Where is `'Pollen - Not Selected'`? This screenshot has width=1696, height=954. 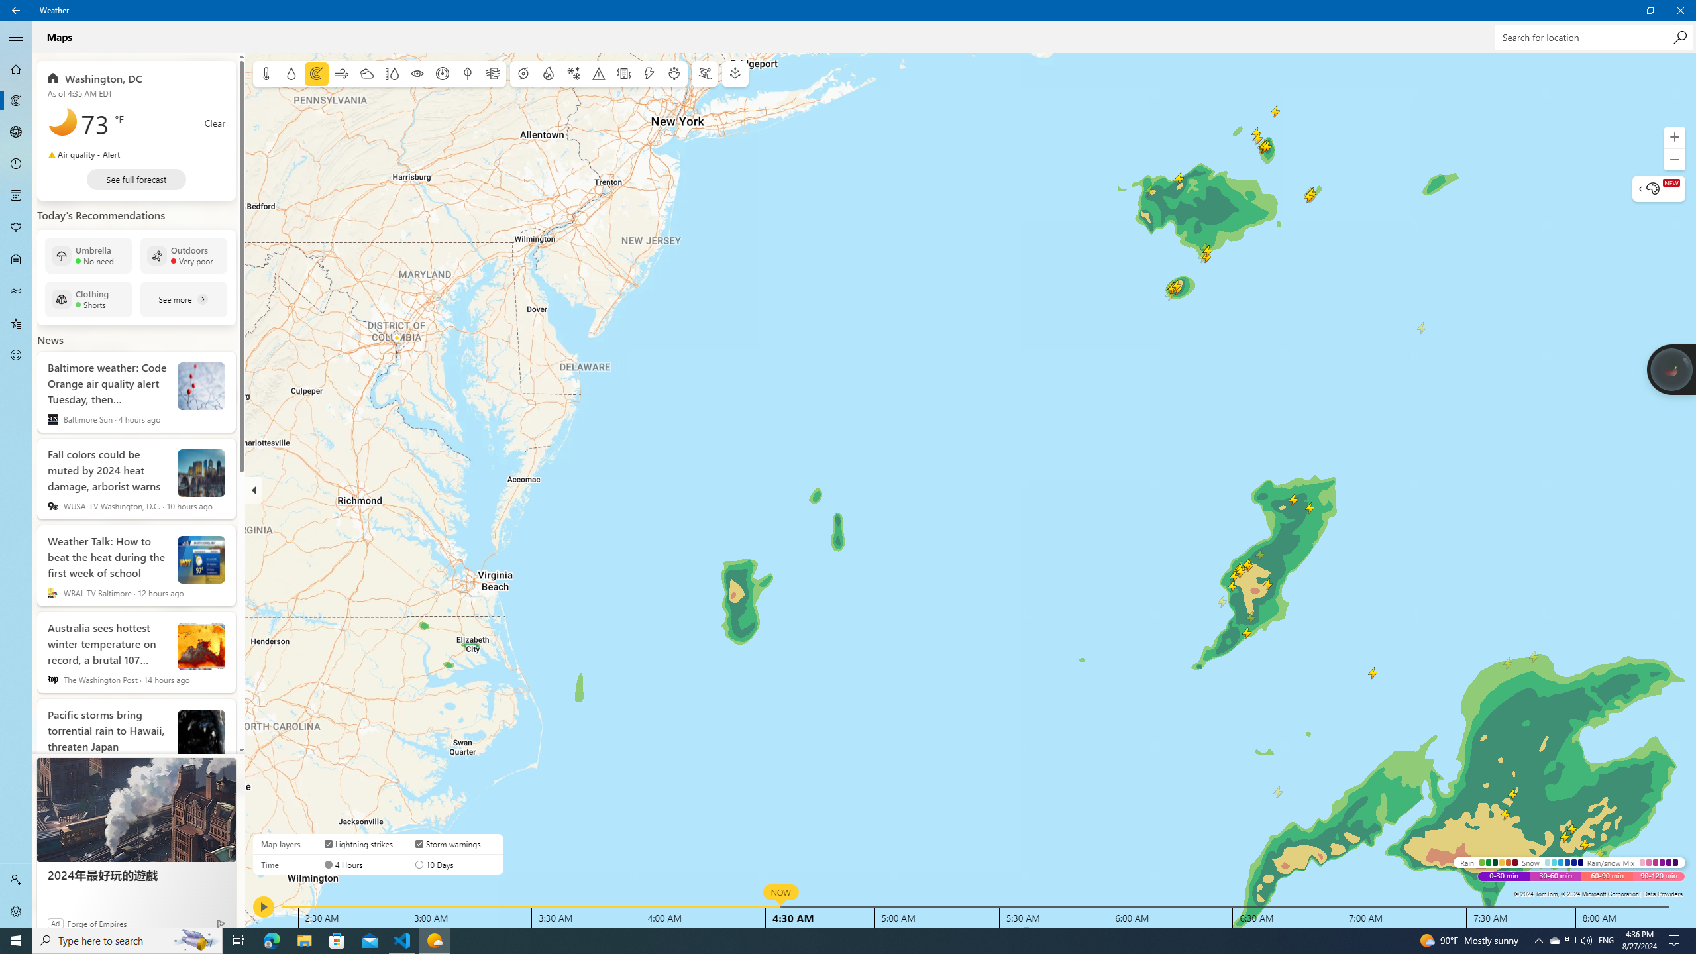 'Pollen - Not Selected' is located at coordinates (16, 228).